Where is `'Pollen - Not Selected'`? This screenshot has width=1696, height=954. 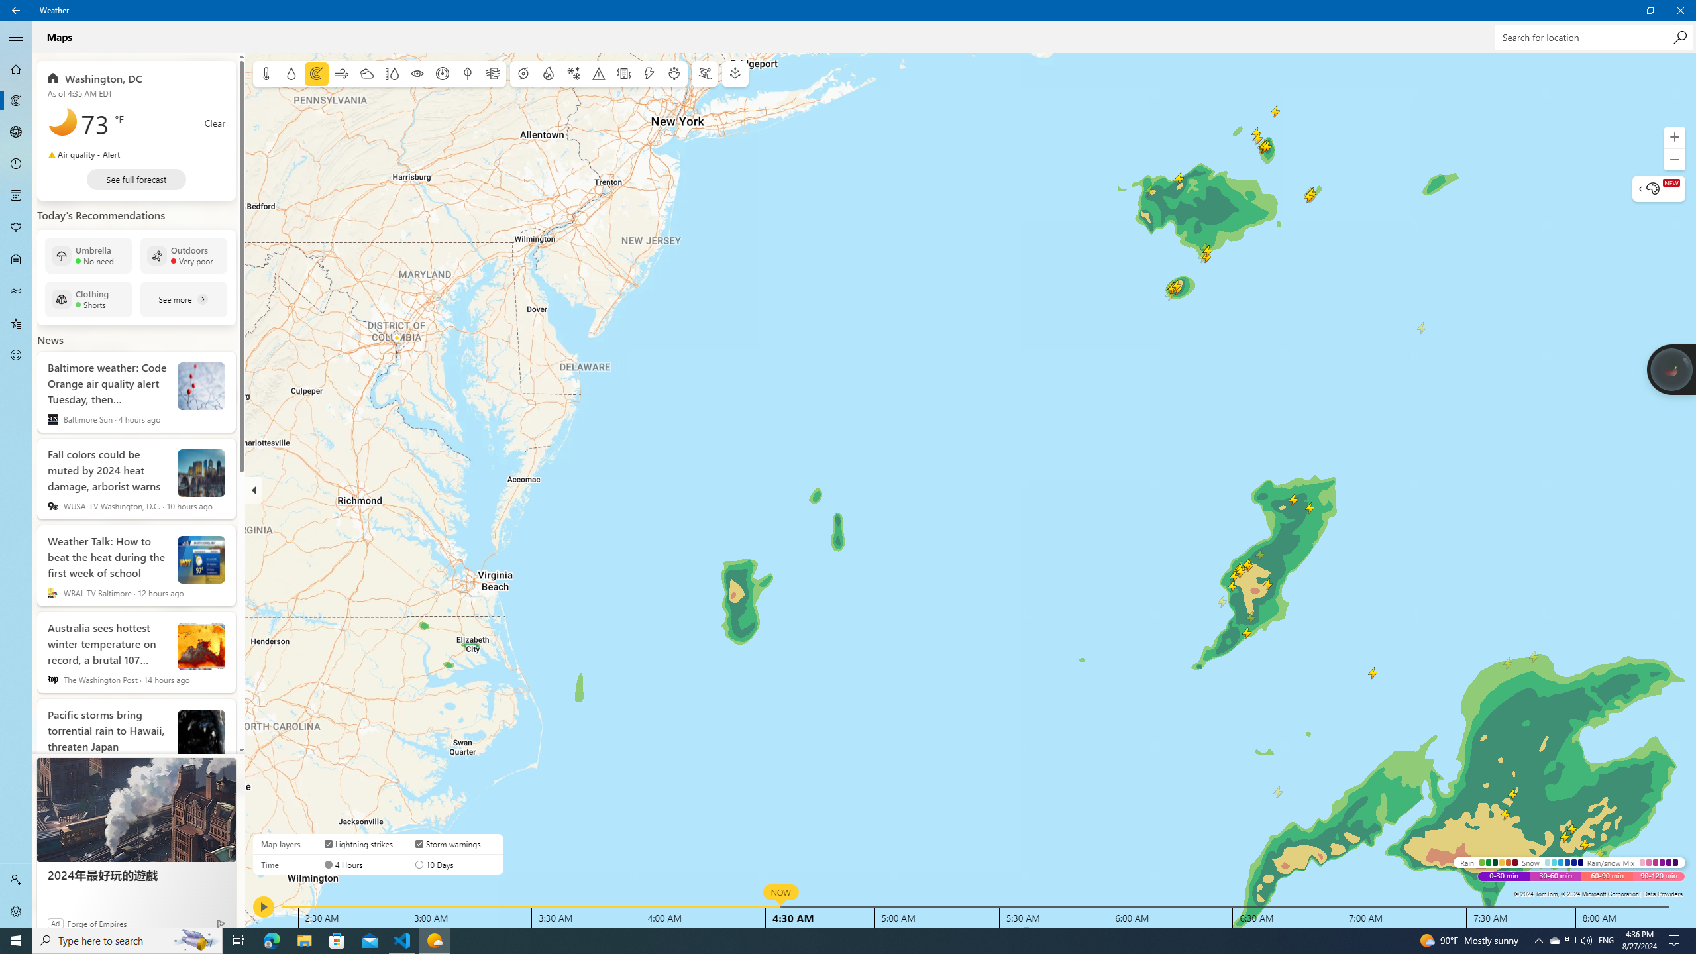 'Pollen - Not Selected' is located at coordinates (16, 228).